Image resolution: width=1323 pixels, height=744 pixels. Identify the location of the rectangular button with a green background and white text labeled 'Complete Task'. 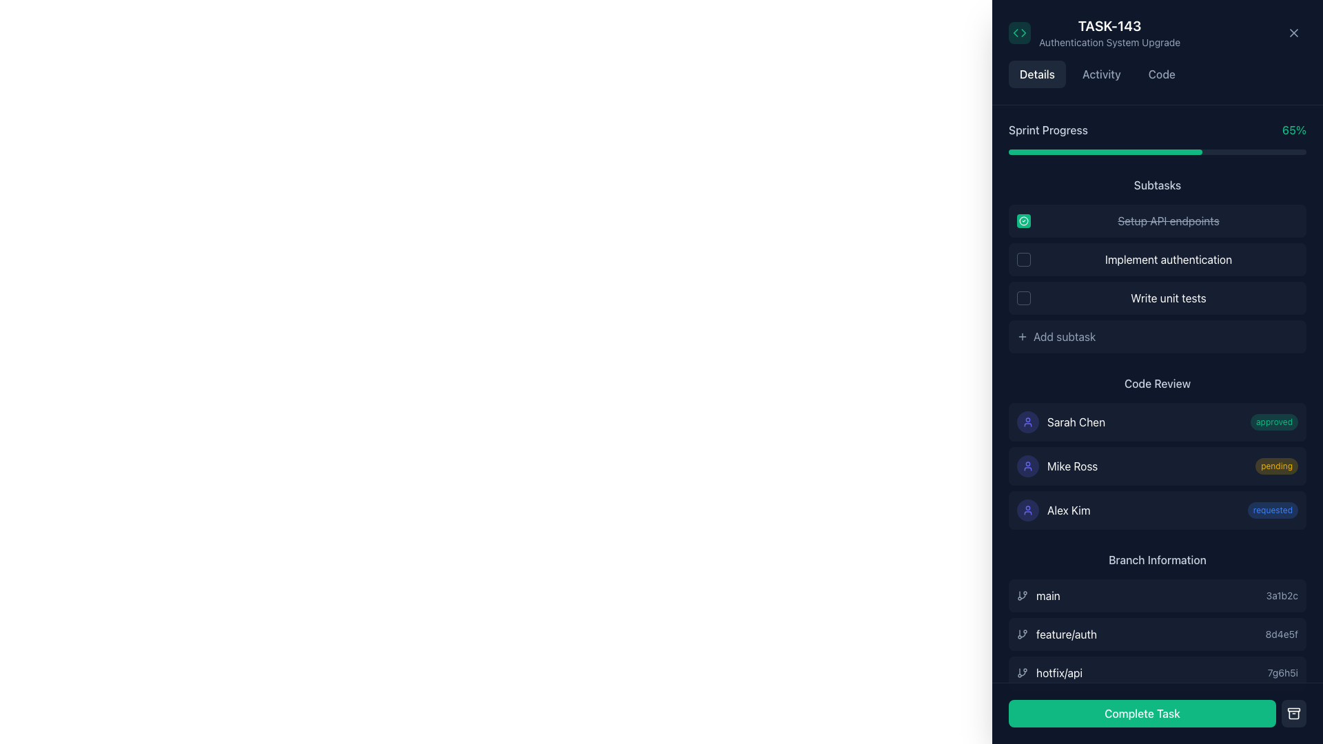
(1158, 713).